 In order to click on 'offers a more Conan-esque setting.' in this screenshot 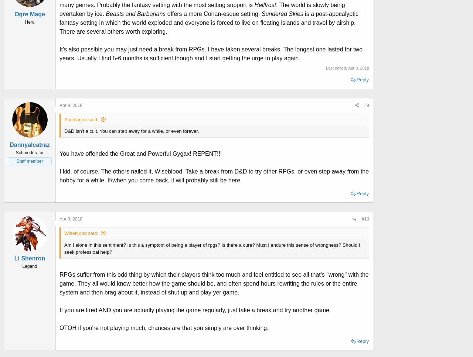, I will do `click(214, 13)`.